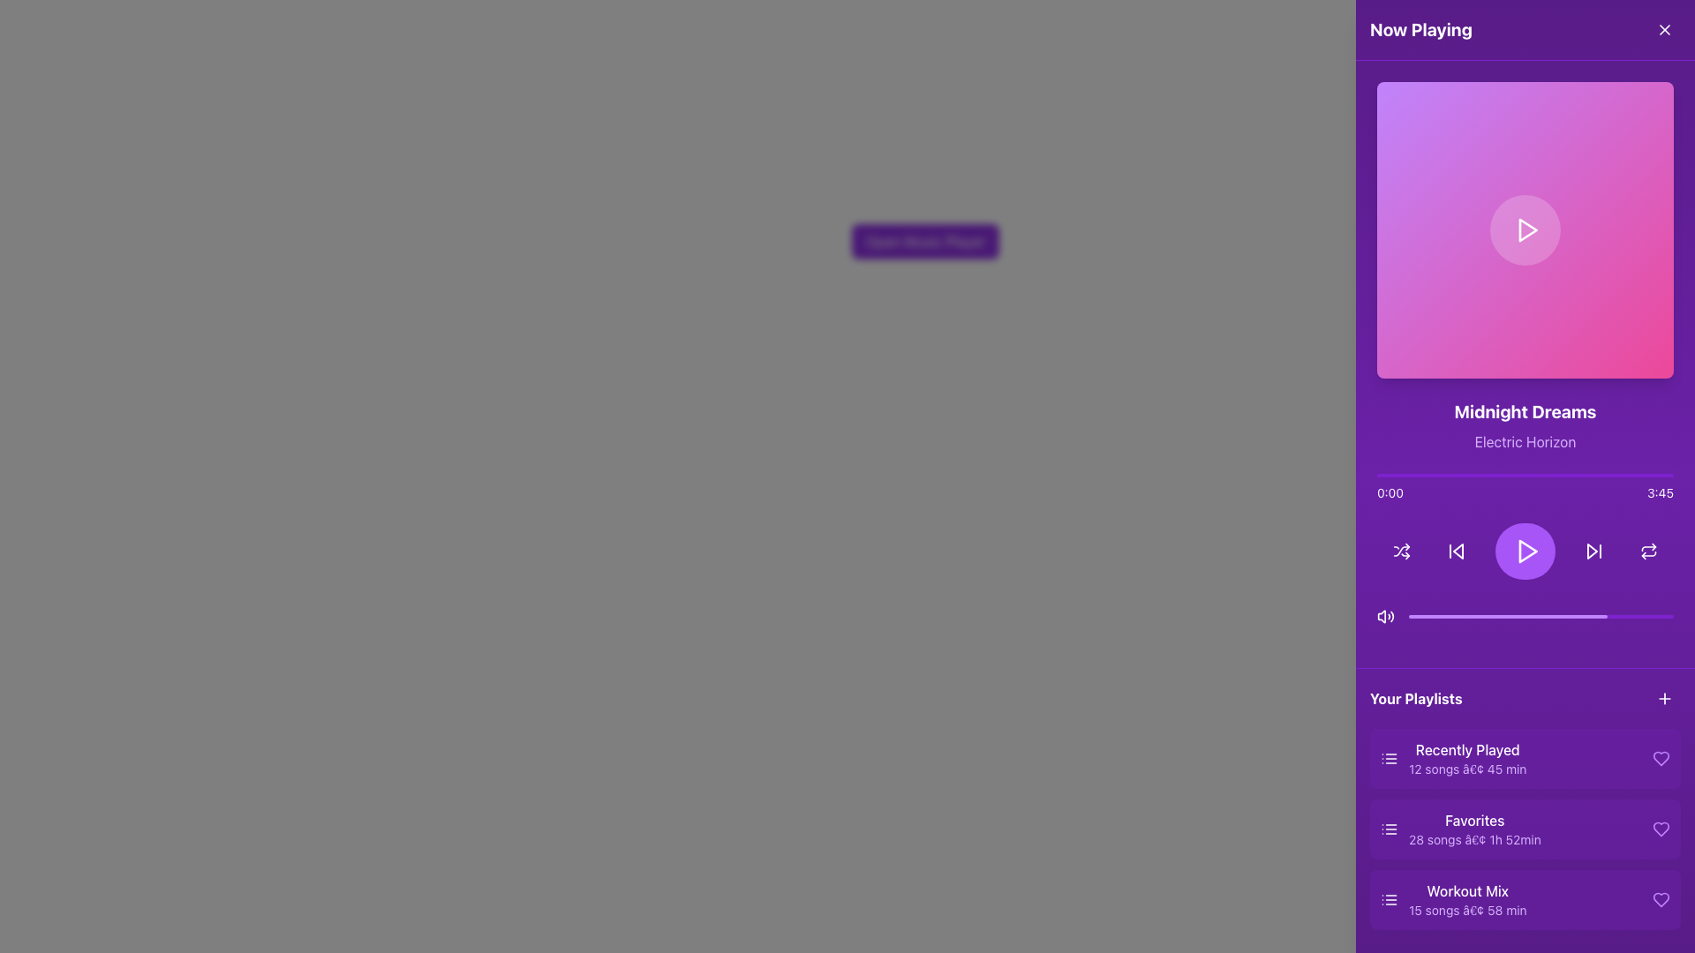 This screenshot has height=953, width=1695. Describe the element at coordinates (1603, 615) in the screenshot. I see `media playback progress` at that location.